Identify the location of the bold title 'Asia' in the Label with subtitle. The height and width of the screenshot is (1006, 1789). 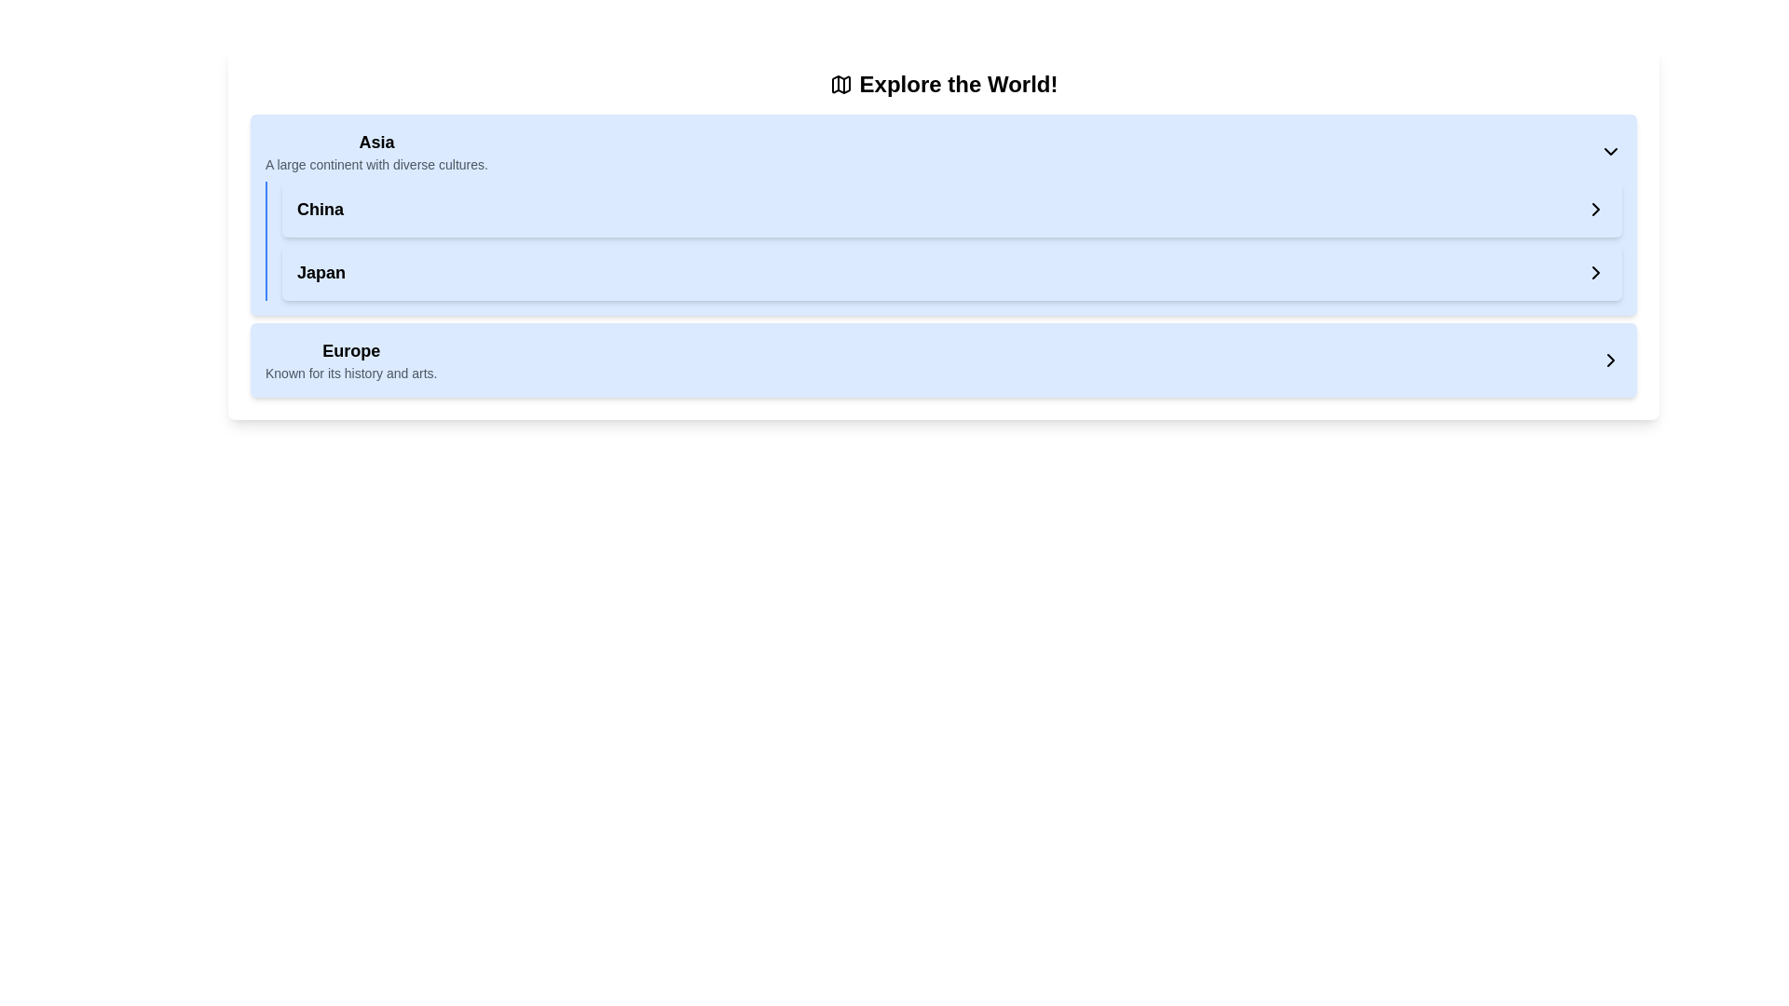
(376, 150).